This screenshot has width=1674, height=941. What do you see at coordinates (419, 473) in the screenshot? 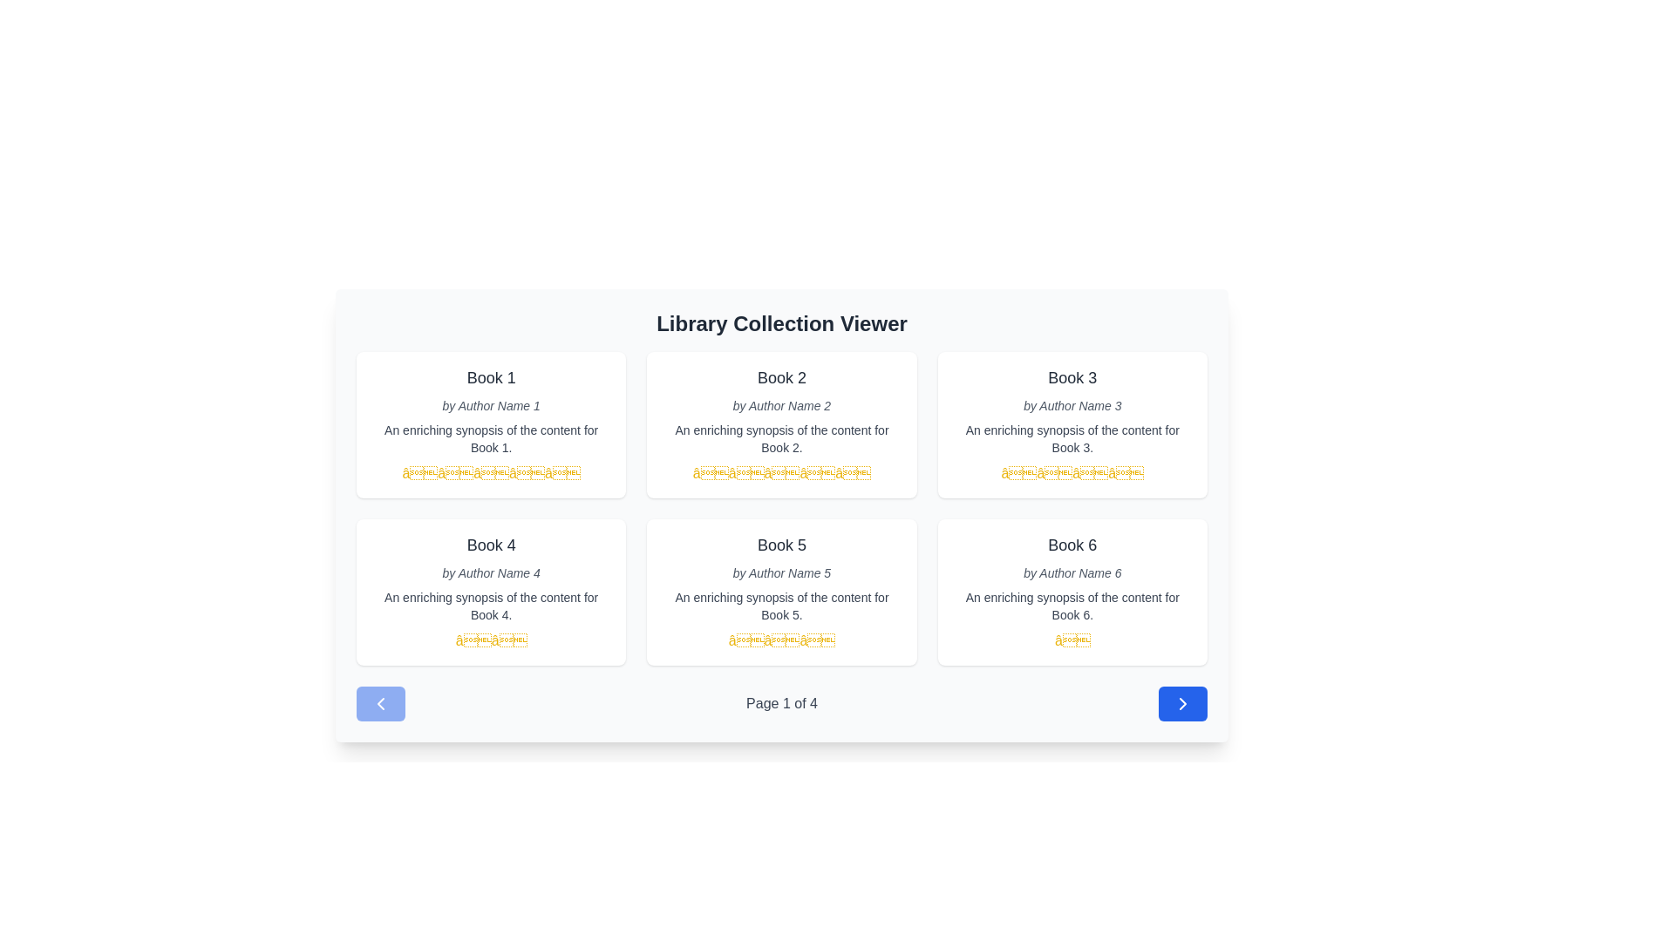
I see `the first yellow star icon, which represents the rating for 'Book 1', located below its description text in the library collection view` at bounding box center [419, 473].